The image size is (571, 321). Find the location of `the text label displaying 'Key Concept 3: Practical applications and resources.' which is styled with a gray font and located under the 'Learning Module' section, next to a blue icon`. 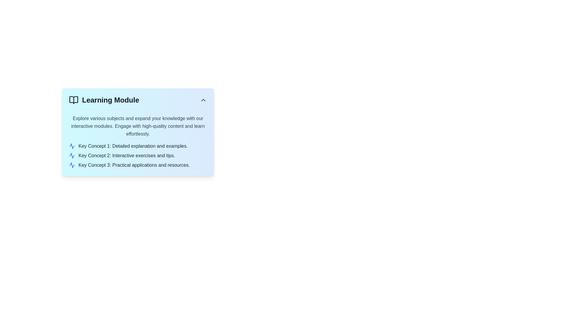

the text label displaying 'Key Concept 3: Practical applications and resources.' which is styled with a gray font and located under the 'Learning Module' section, next to a blue icon is located at coordinates (134, 165).